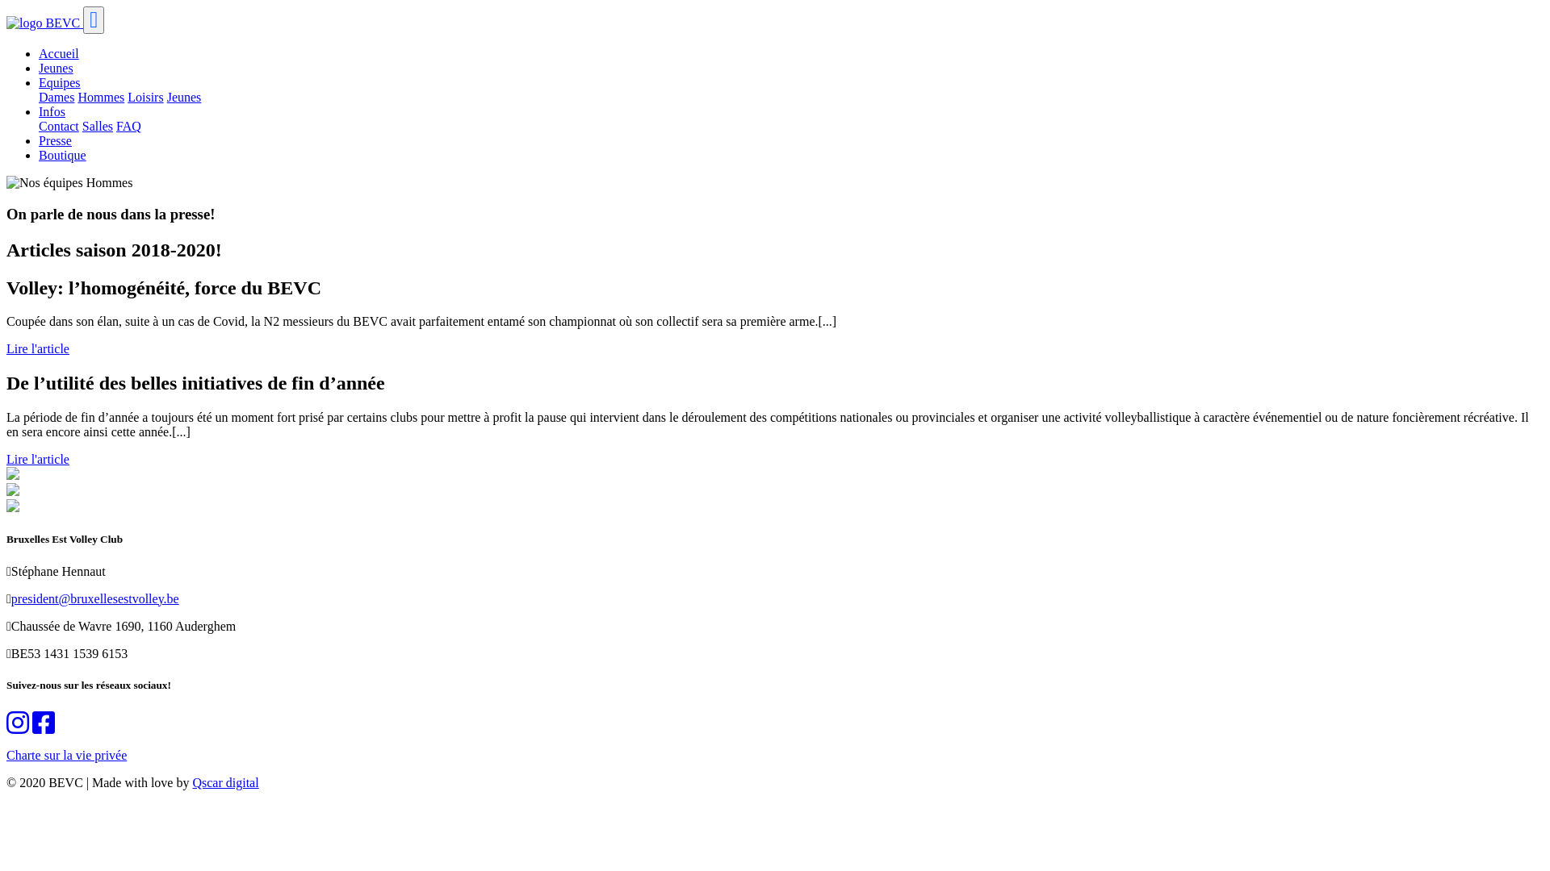 Image resolution: width=1550 pixels, height=871 pixels. What do you see at coordinates (58, 52) in the screenshot?
I see `'Accueil'` at bounding box center [58, 52].